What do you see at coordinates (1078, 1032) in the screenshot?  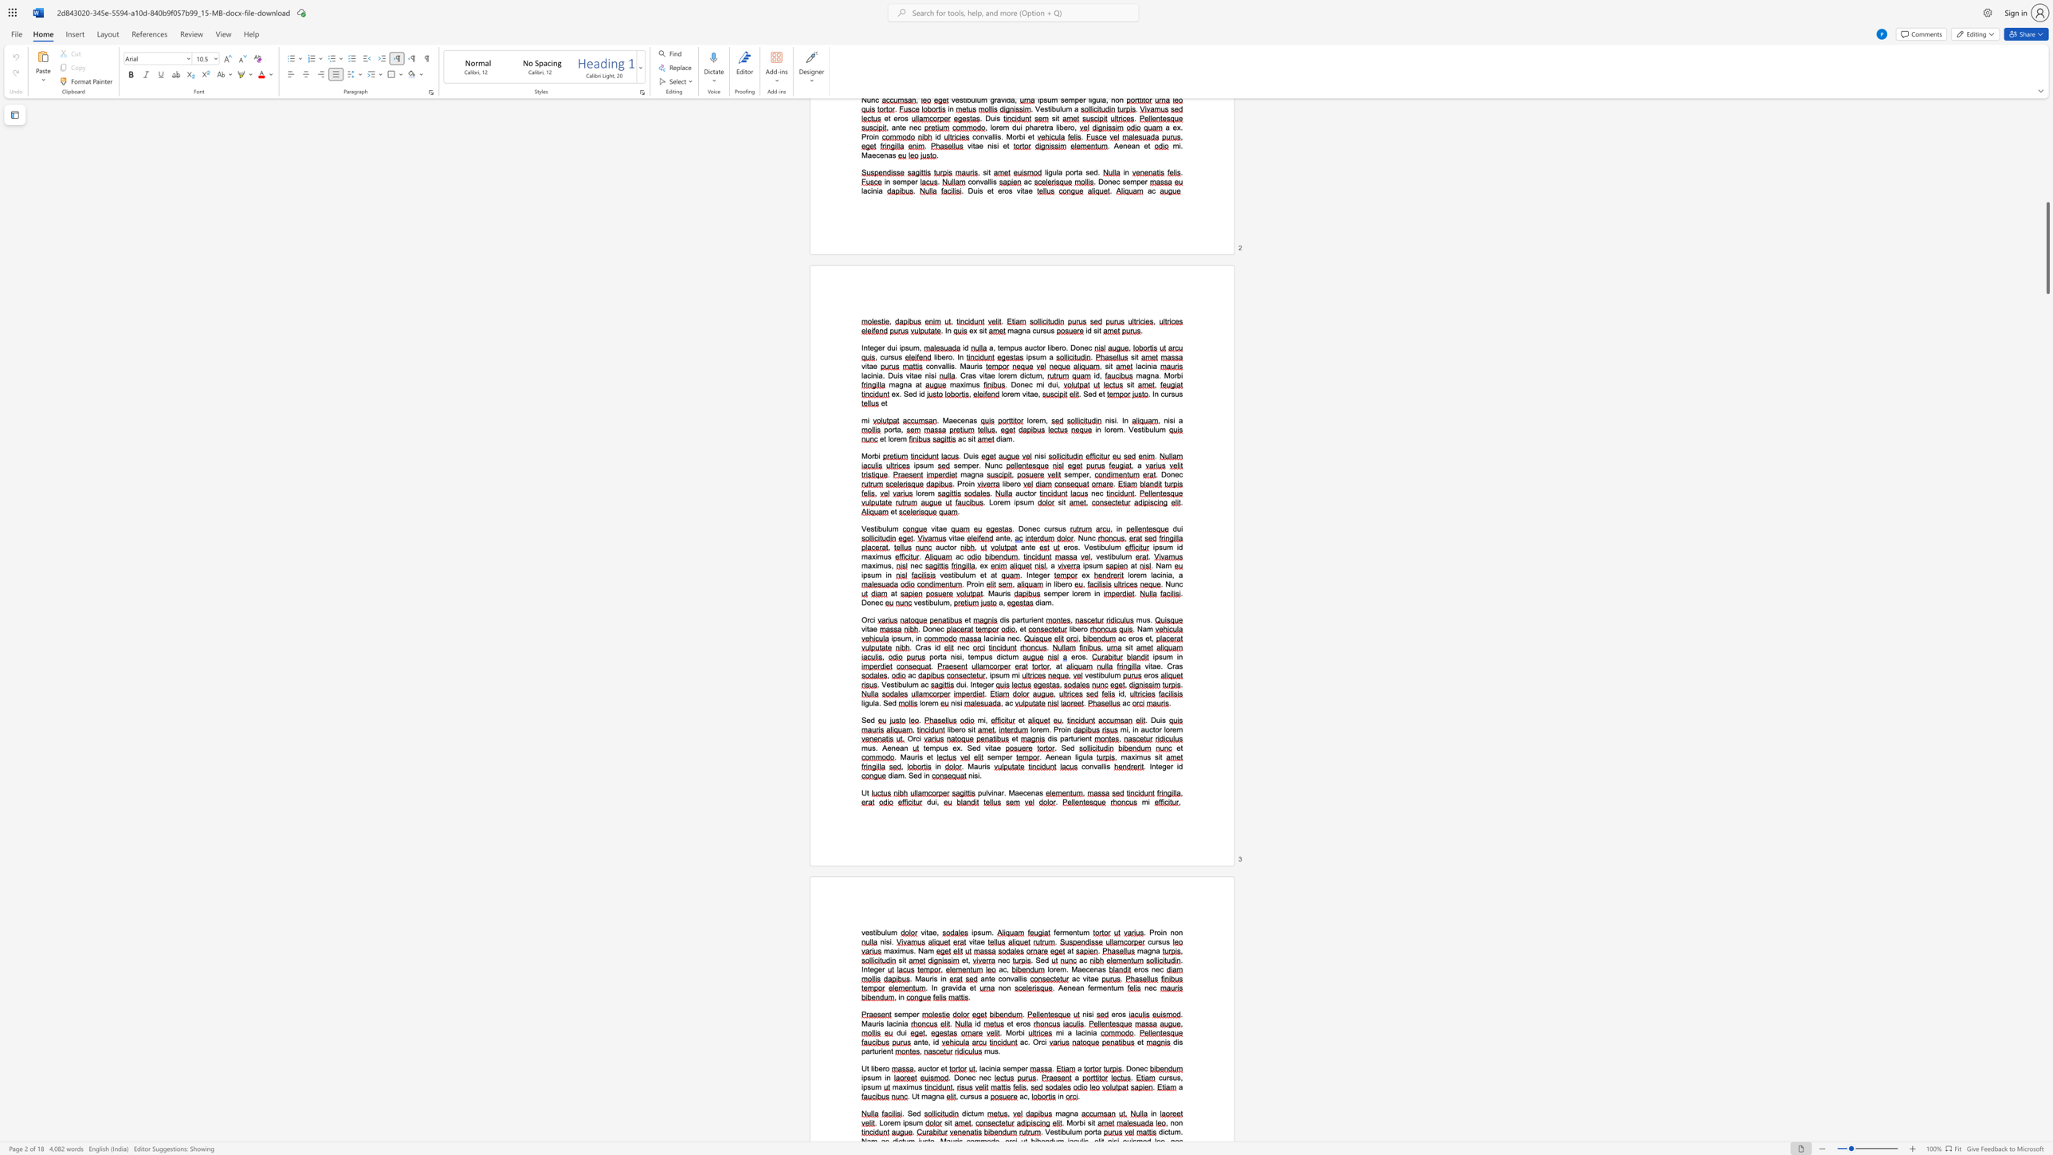 I see `the space between the continuous character "l" and "a" in the text` at bounding box center [1078, 1032].